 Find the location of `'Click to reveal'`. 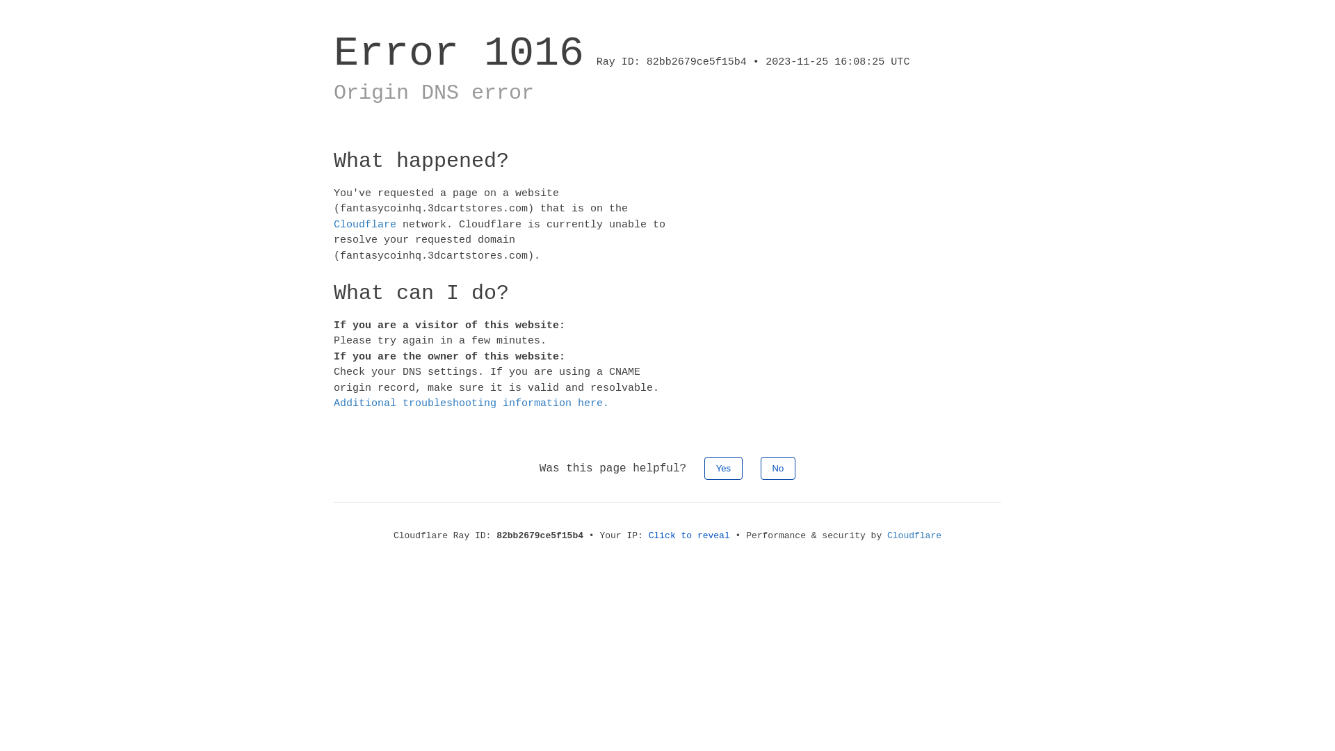

'Click to reveal' is located at coordinates (689, 534).